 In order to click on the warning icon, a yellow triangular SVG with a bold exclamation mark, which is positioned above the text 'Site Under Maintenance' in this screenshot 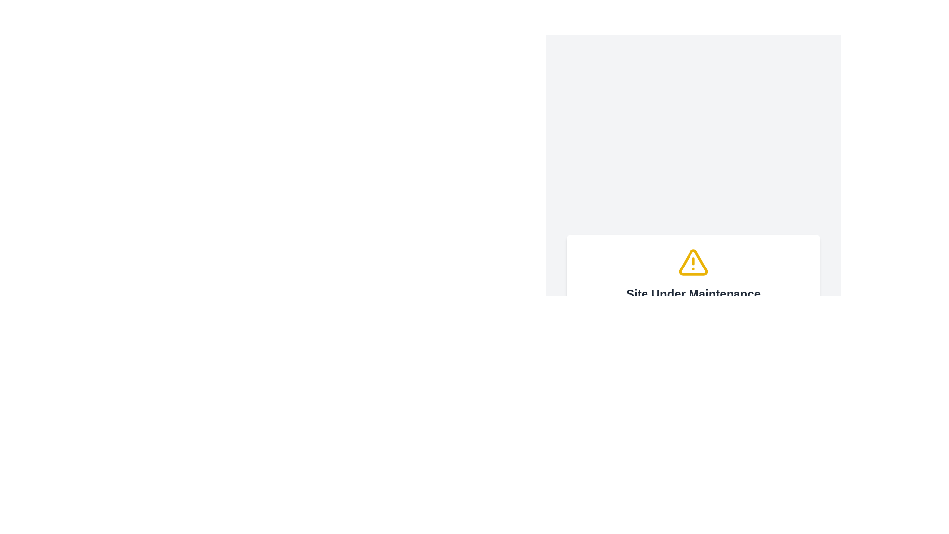, I will do `click(692, 262)`.